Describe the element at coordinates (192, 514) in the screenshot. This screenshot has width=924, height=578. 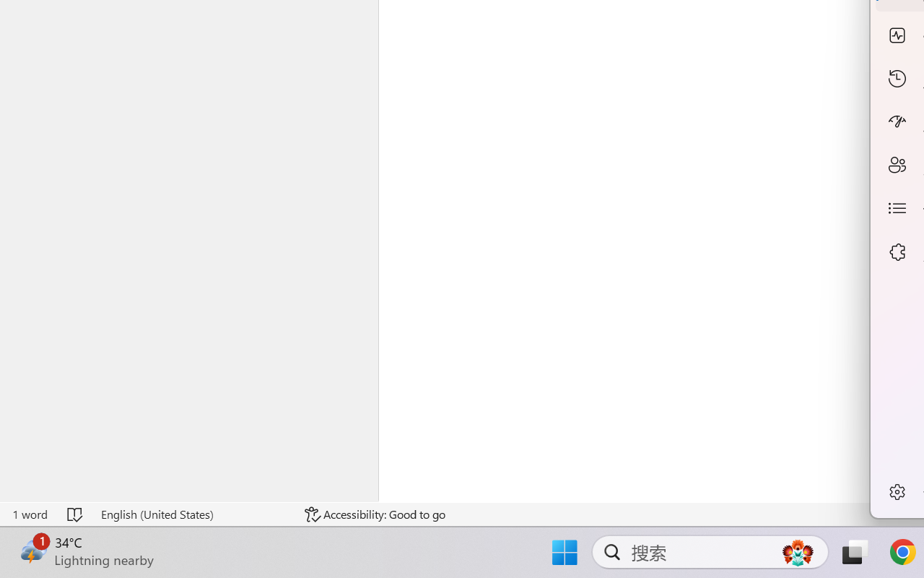
I see `'Language English (United States)'` at that location.